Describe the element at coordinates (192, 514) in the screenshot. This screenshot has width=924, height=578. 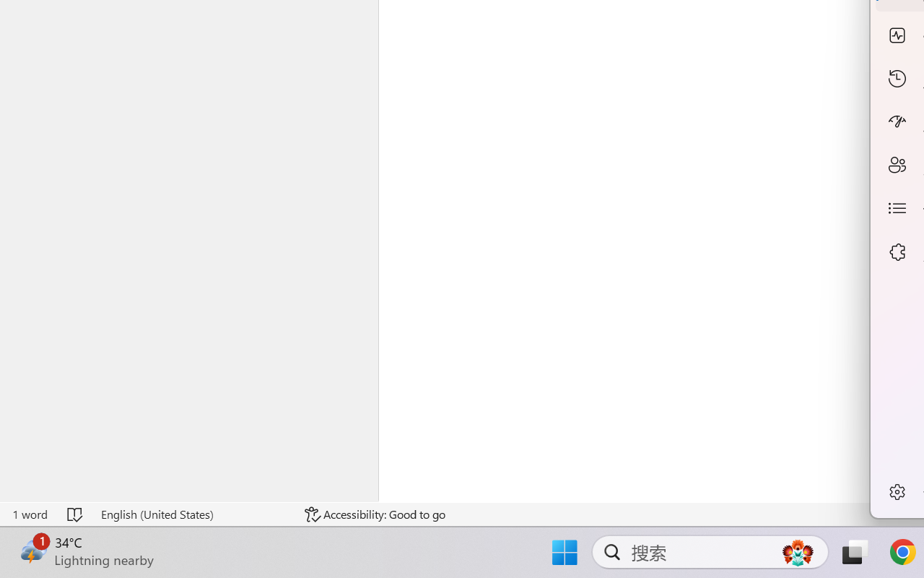
I see `'Language English (United States)'` at that location.